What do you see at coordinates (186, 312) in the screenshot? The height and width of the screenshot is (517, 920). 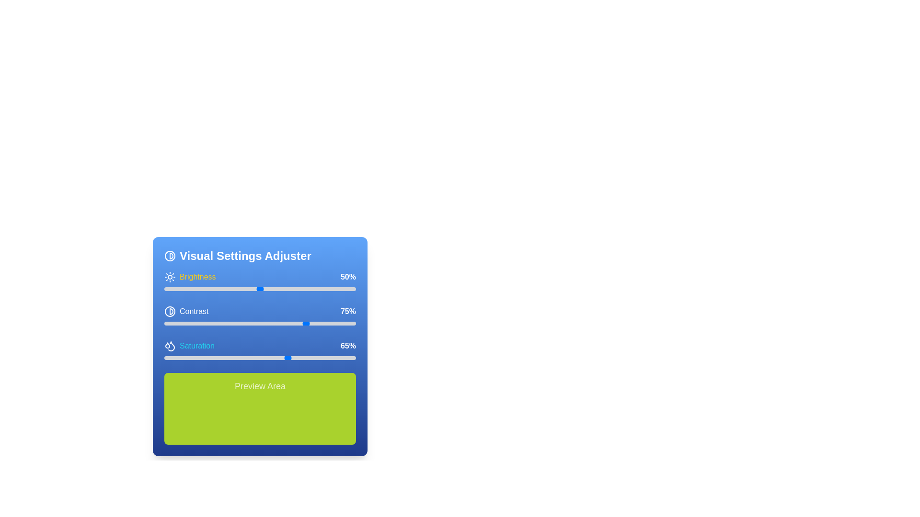 I see `the 'Contrast' Label, which displays the text 'Contrast' in medium font weight and white color, located in the second row of the layout` at bounding box center [186, 312].